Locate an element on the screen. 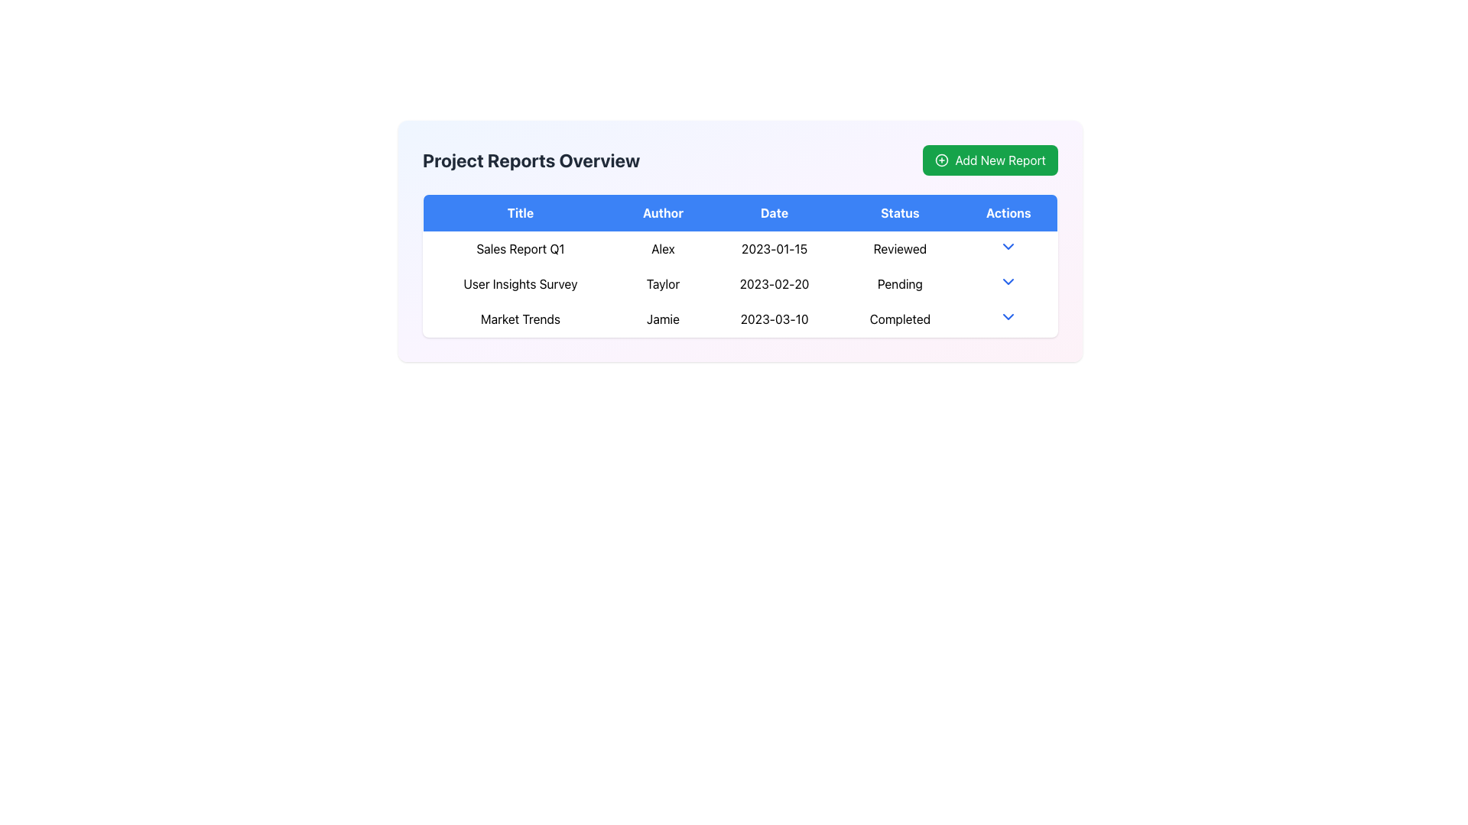  the icon representing the addition of a new report located within the 'Add New Report' button in the top-right area of the interface is located at coordinates (941, 160).